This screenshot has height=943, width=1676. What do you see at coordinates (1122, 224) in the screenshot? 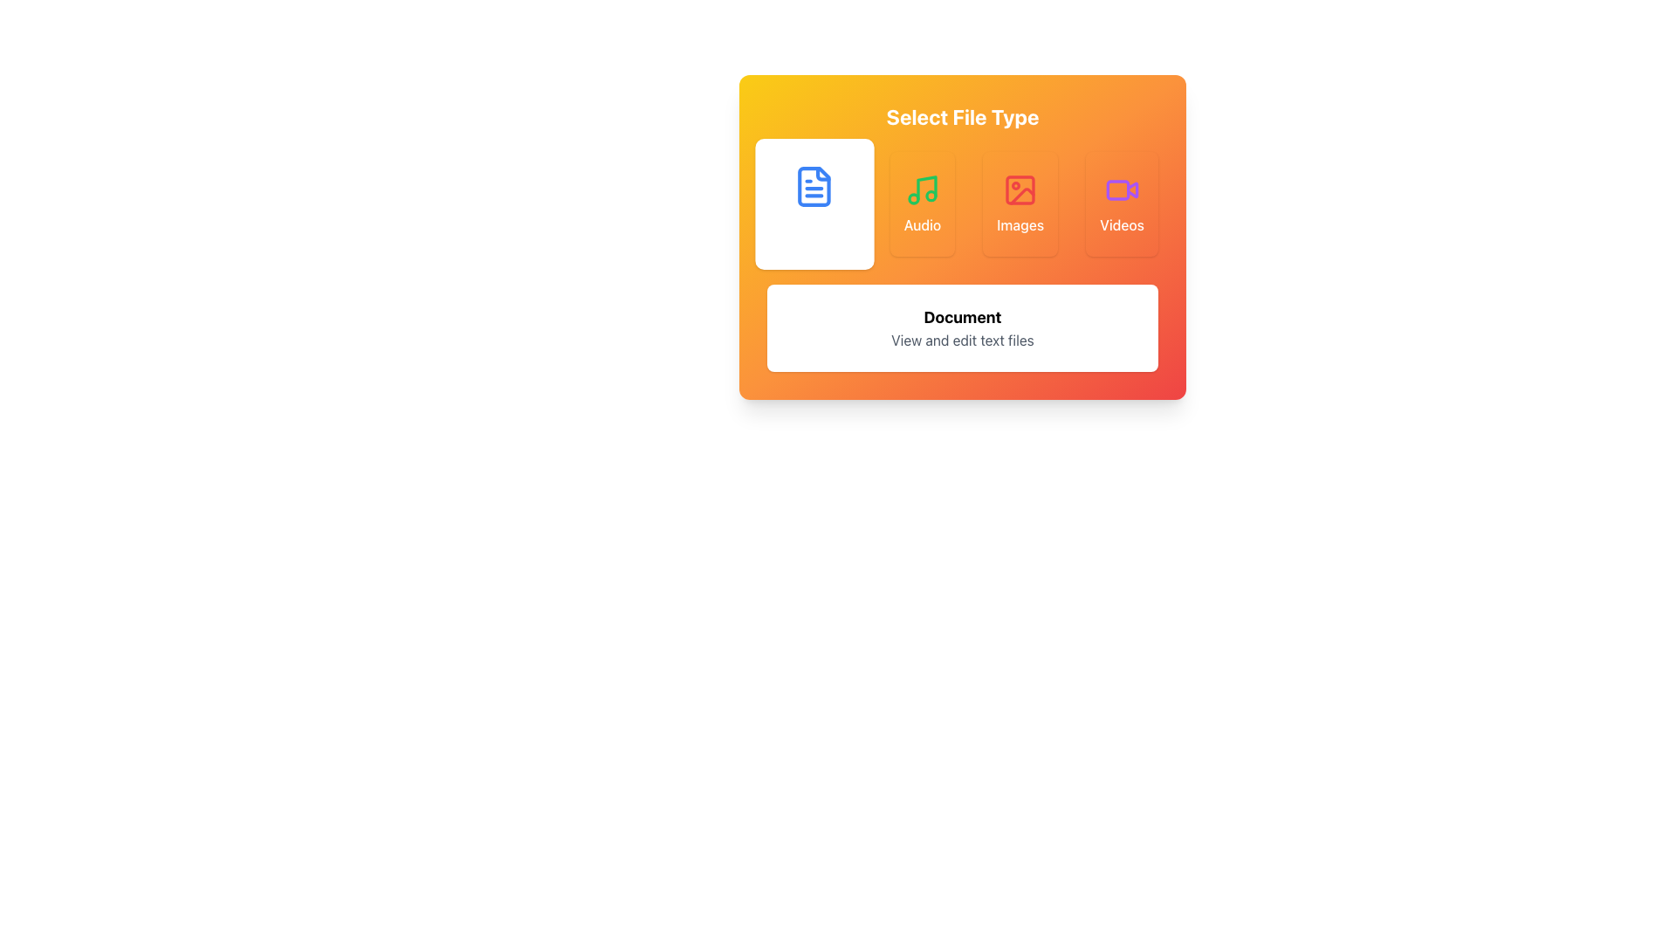
I see `the text label indicating the option for selecting video file types, which is located beneath the video camera icon in the fourth rectangular box` at bounding box center [1122, 224].